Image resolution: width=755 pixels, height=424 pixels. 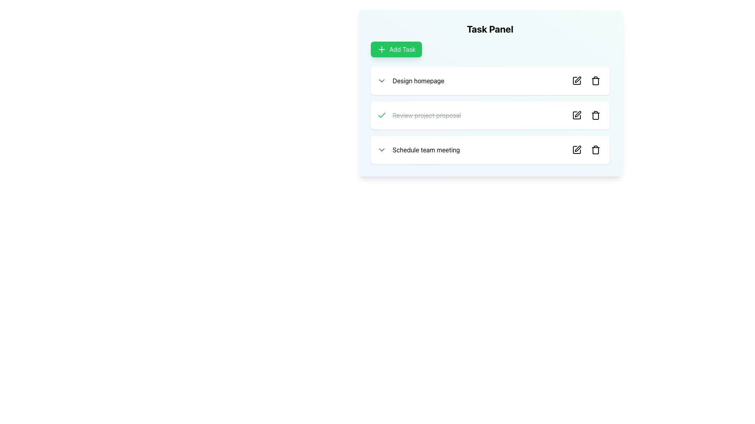 What do you see at coordinates (490, 28) in the screenshot?
I see `the bold 'Task Panel' label, which is prominently displayed in 2xl font size and styled in black, located at the top of a card-like panel` at bounding box center [490, 28].